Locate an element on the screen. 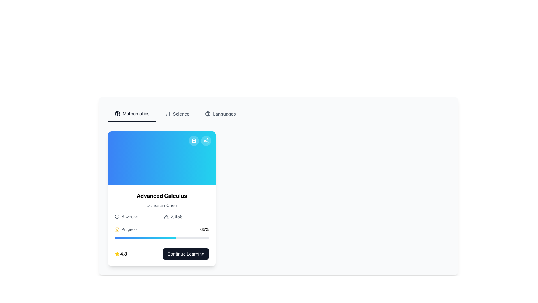  the button located at the bottom-right corner of the card layout, adjacent to the star rating value '4.8', to observe the hover effect is located at coordinates (186, 254).